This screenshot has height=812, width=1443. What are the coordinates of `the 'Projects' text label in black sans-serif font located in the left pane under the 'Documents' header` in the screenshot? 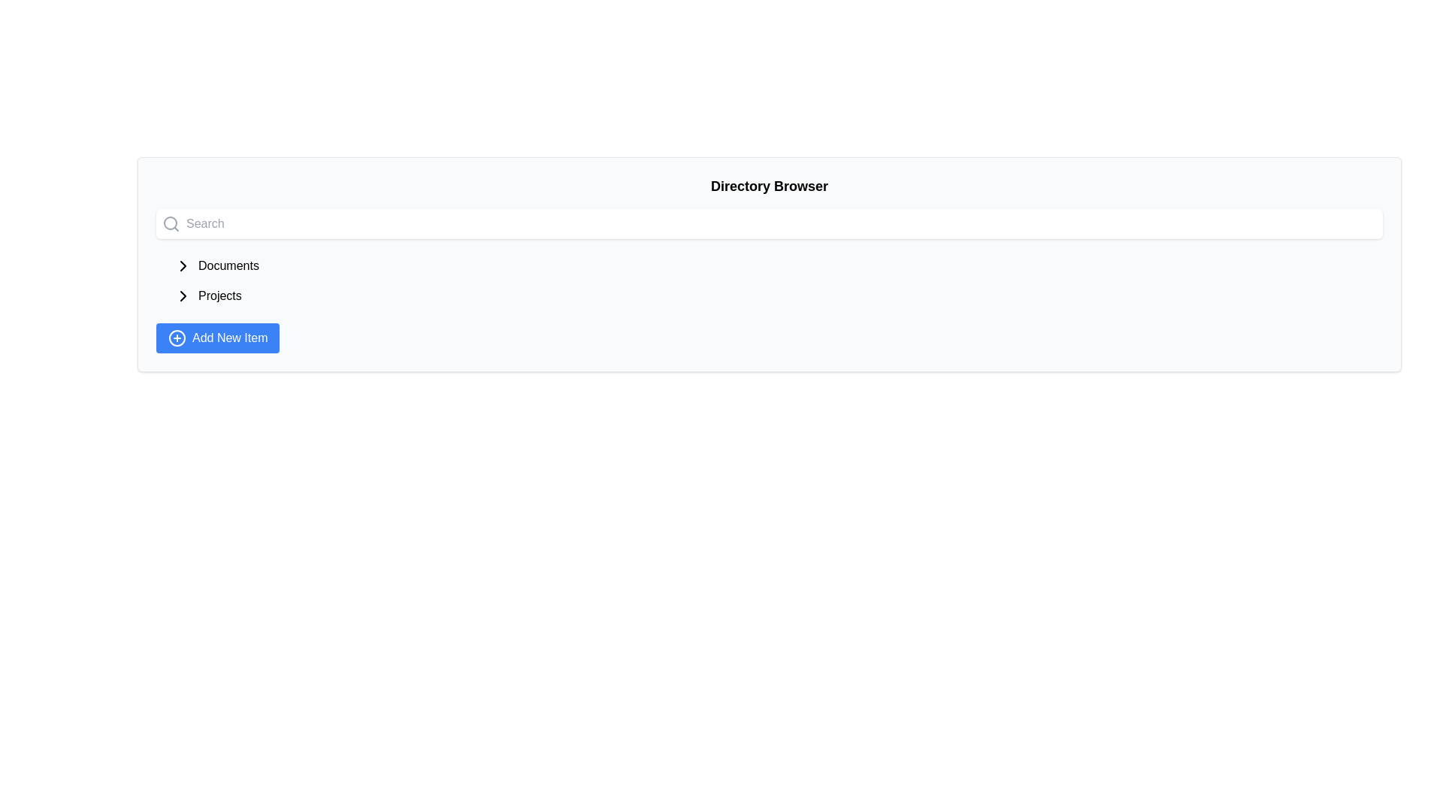 It's located at (219, 295).